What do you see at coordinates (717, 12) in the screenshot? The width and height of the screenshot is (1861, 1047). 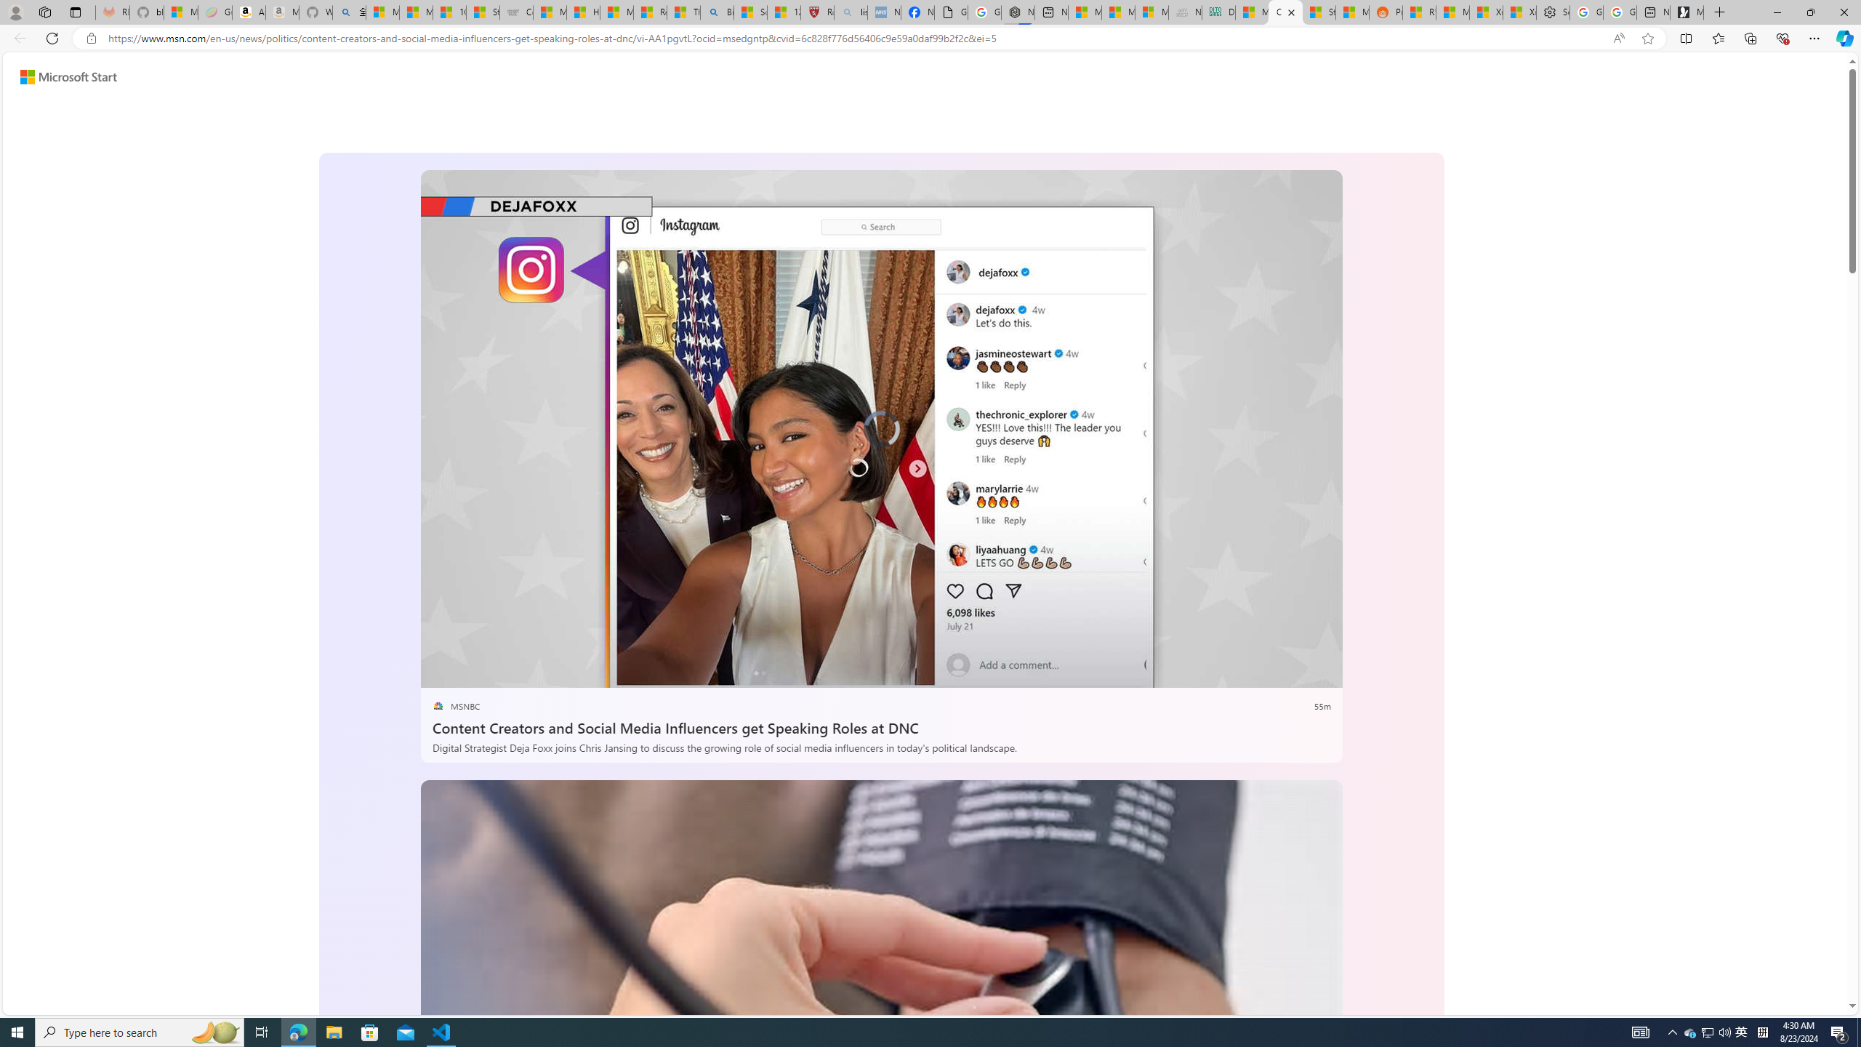 I see `'Bing'` at bounding box center [717, 12].